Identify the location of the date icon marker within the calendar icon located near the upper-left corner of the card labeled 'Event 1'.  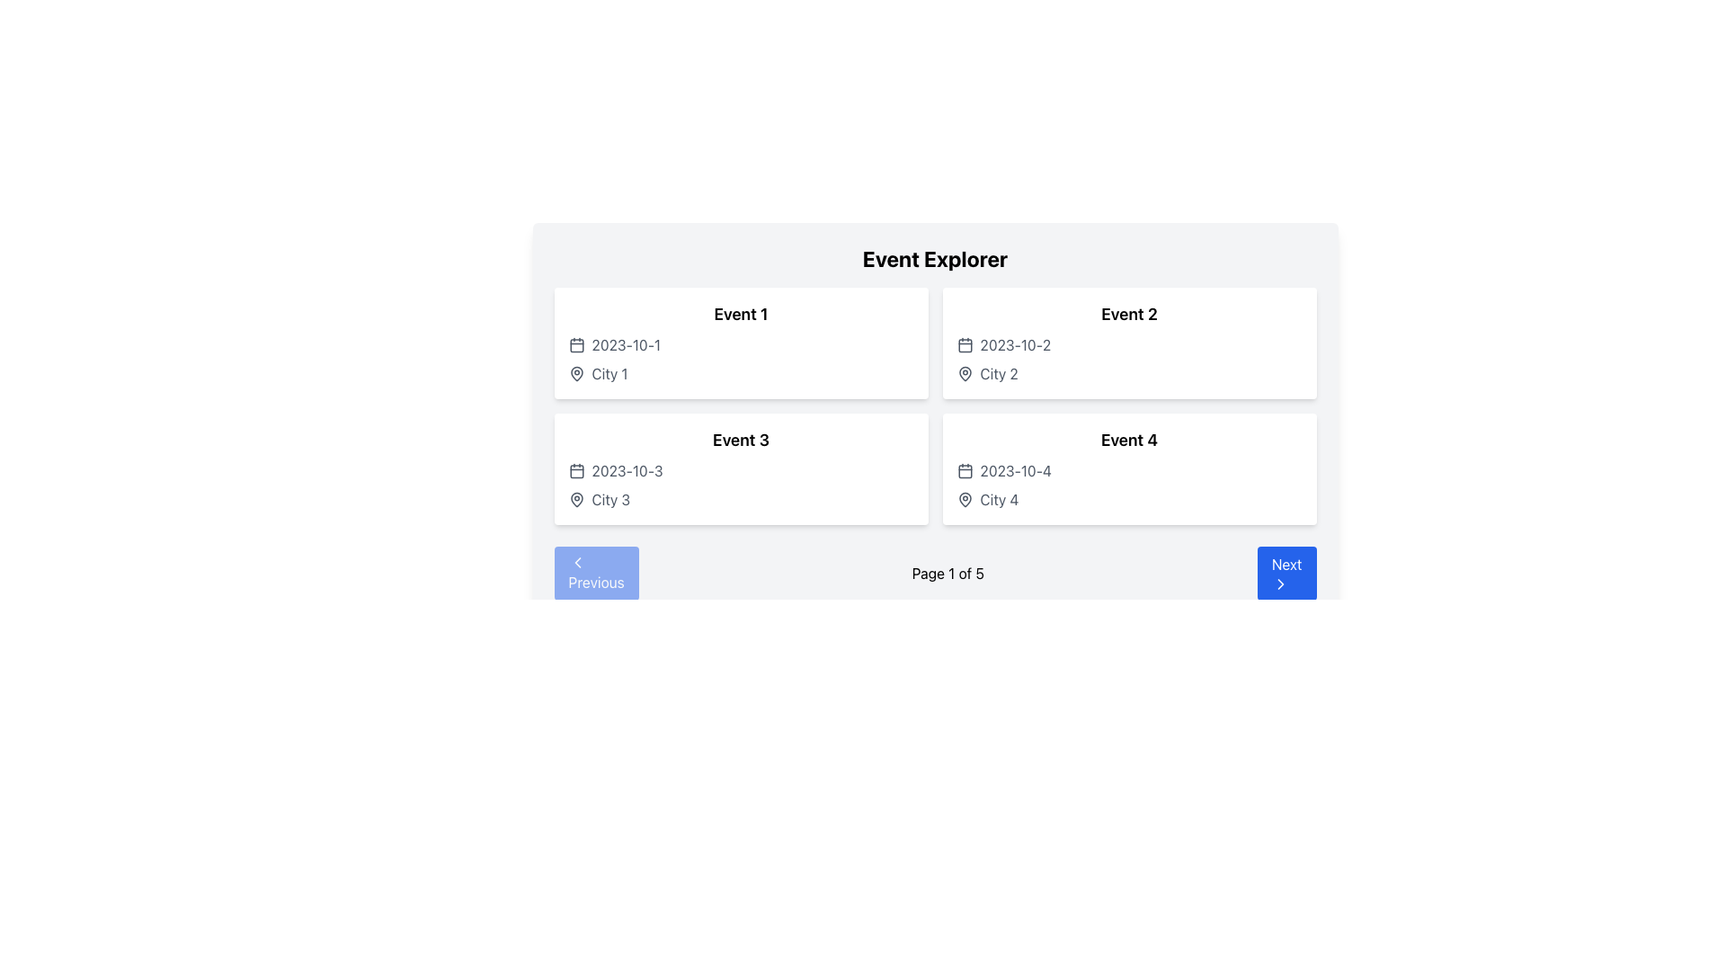
(576, 345).